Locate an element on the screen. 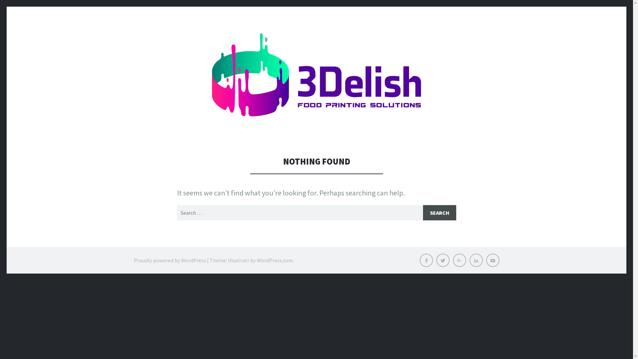 The height and width of the screenshot is (359, 638). 'LinkedIn' is located at coordinates (475, 260).